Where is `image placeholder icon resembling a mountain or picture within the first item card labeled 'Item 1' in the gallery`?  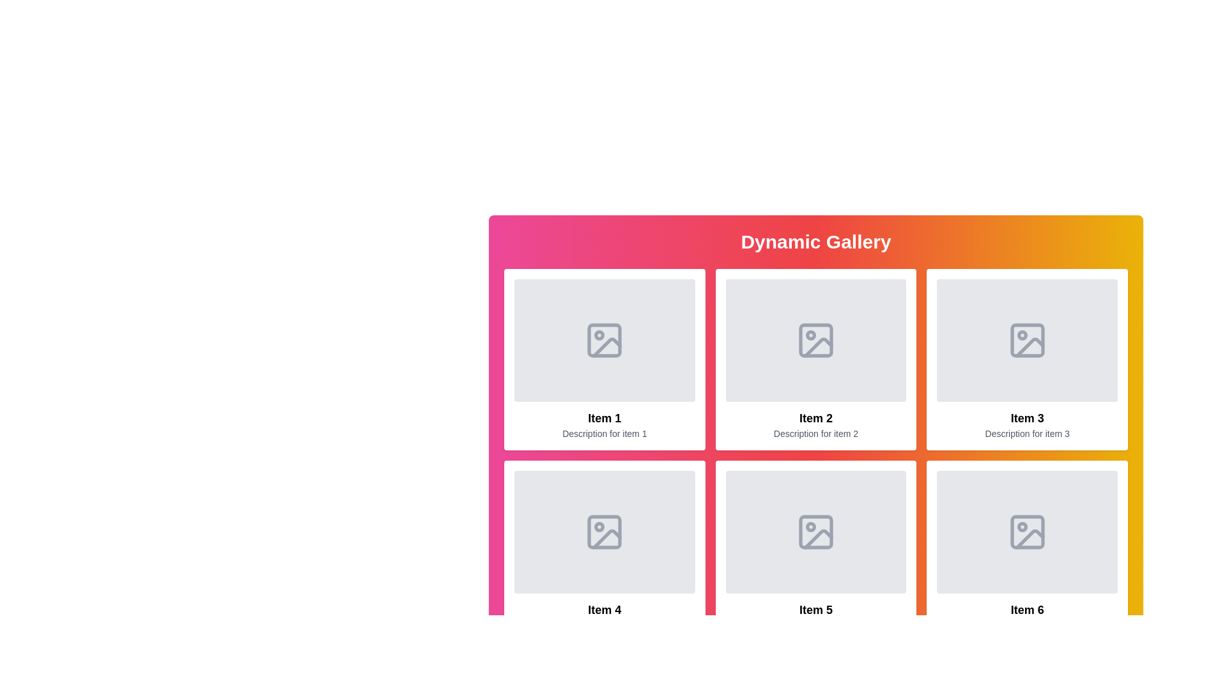
image placeholder icon resembling a mountain or picture within the first item card labeled 'Item 1' in the gallery is located at coordinates (604, 339).